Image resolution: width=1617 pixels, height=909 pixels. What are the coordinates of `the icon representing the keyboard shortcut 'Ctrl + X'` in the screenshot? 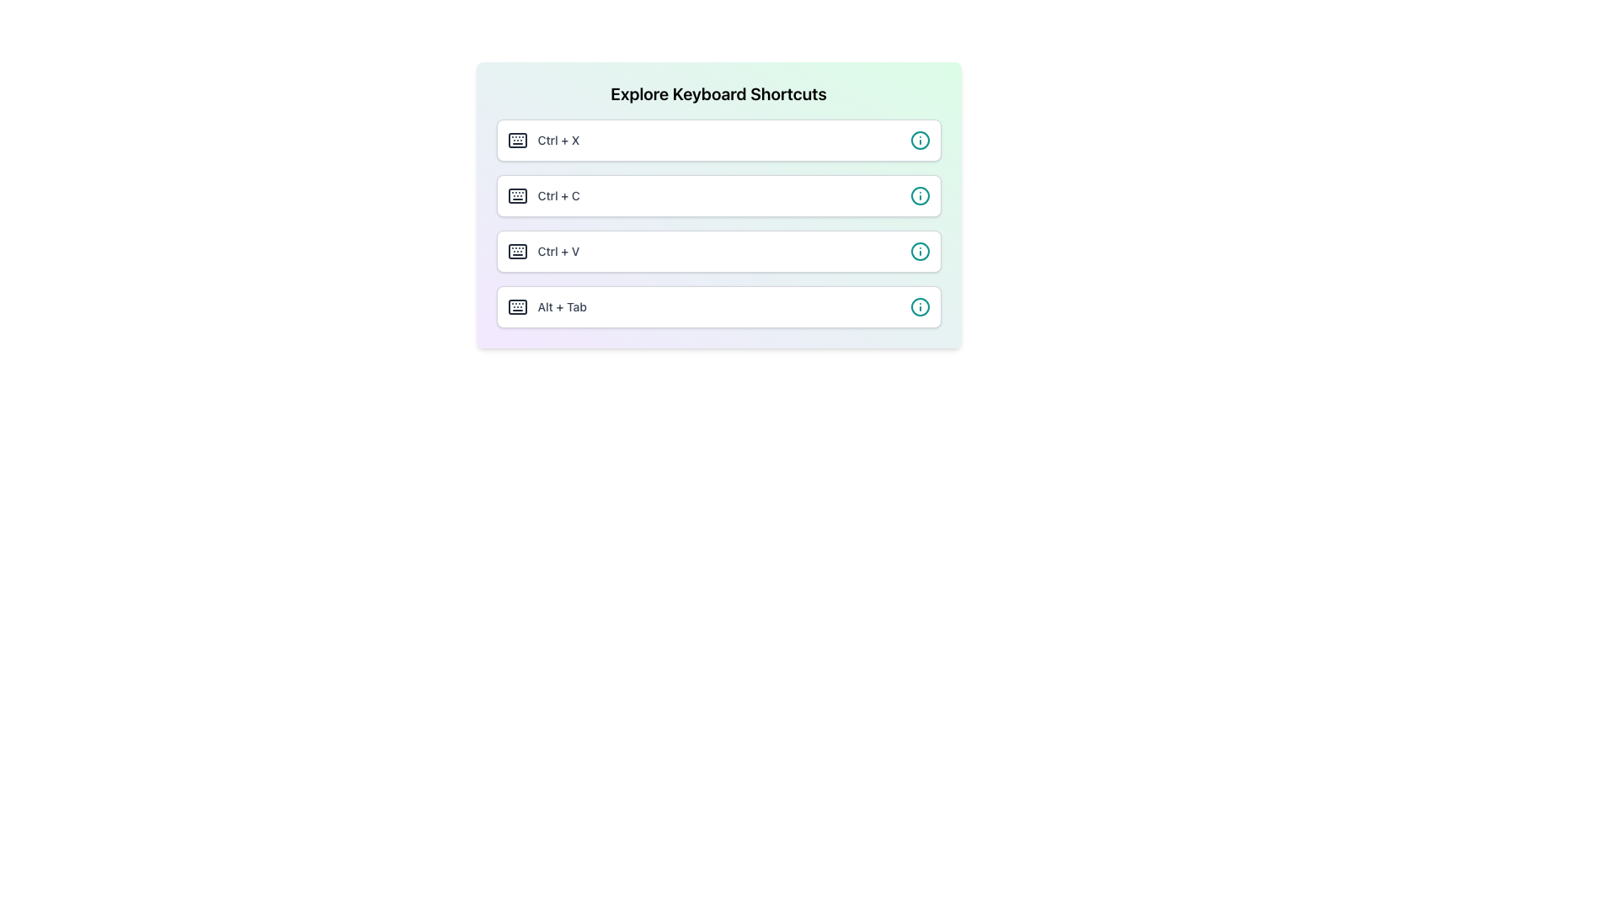 It's located at (516, 139).